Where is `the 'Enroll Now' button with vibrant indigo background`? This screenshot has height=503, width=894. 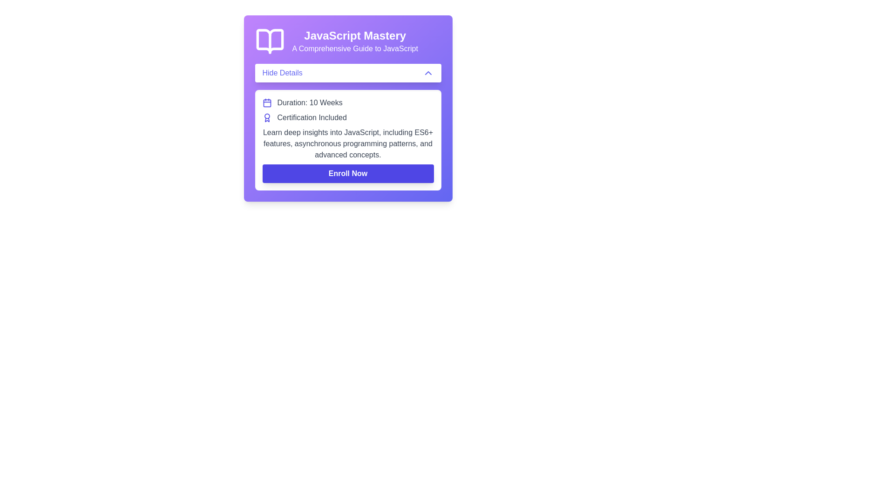
the 'Enroll Now' button with vibrant indigo background is located at coordinates (347, 174).